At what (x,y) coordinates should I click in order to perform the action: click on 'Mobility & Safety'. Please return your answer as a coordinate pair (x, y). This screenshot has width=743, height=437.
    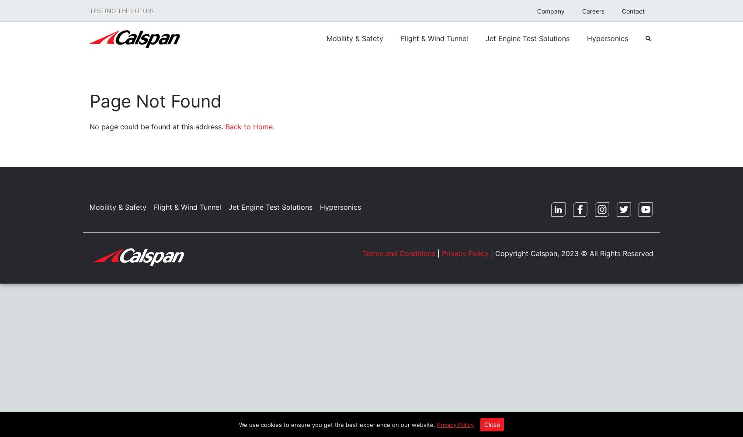
    Looking at the image, I should click on (89, 207).